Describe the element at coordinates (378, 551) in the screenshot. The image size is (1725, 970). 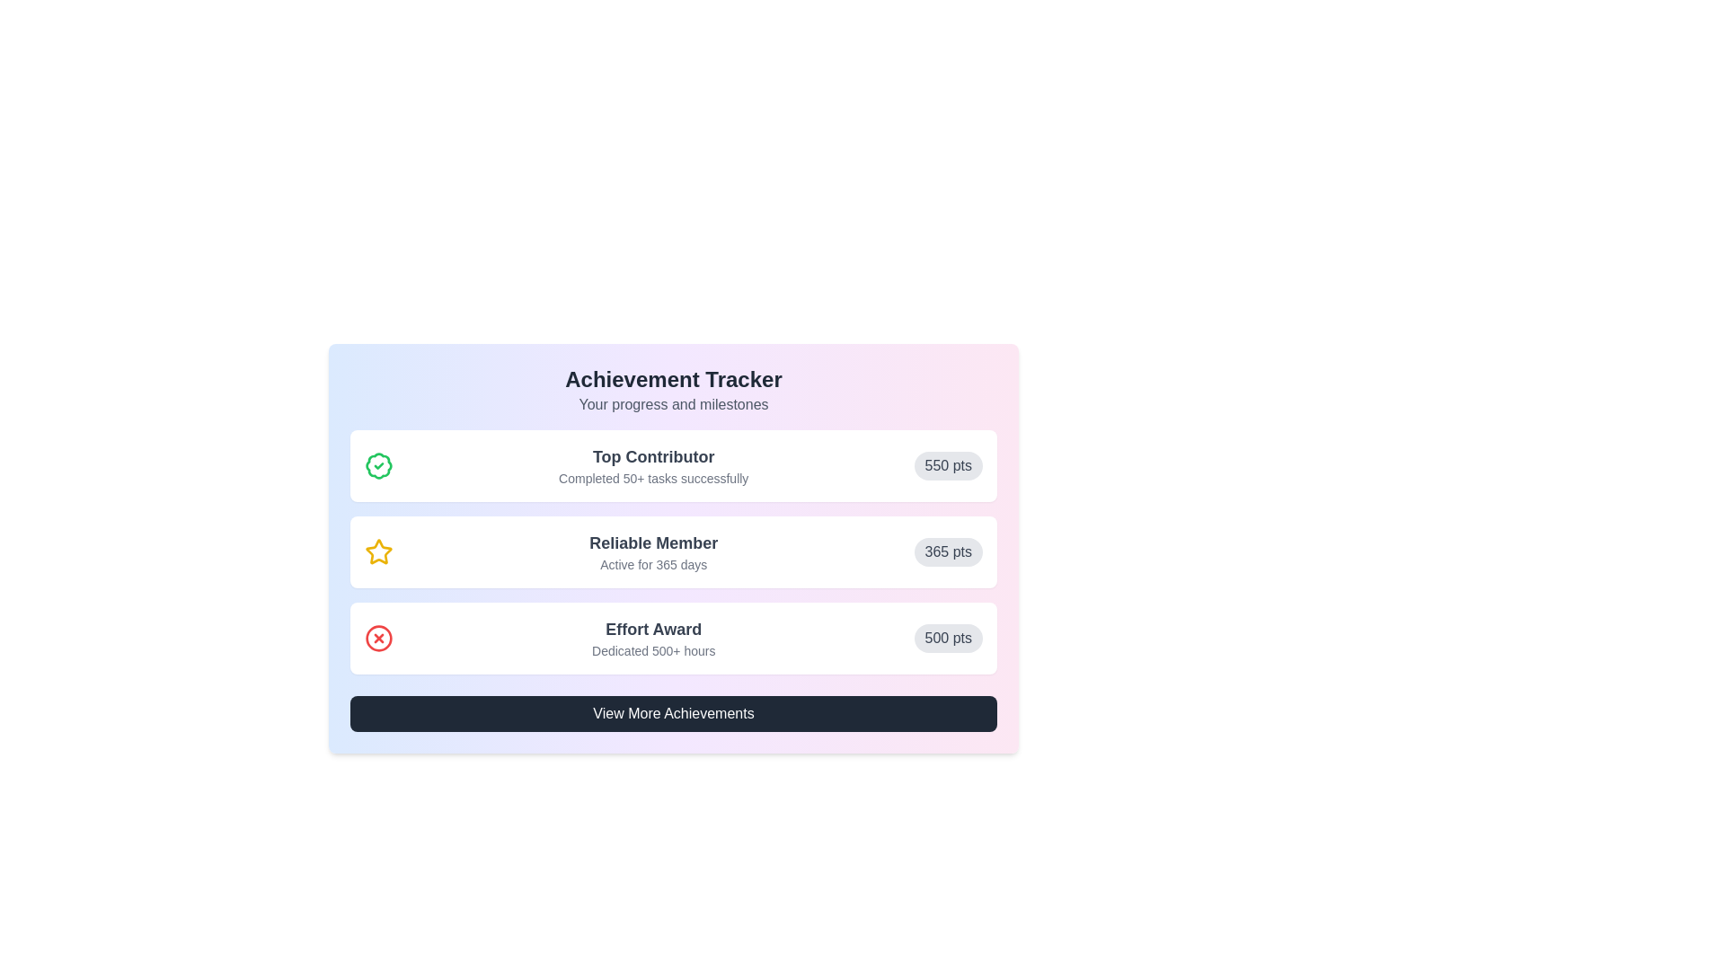
I see `the five-pointed star icon, which is golden yellow and outlined in a darker shade, located in the second row of the 'Achievement Tracker' list near the label 'Reliable Member'` at that location.